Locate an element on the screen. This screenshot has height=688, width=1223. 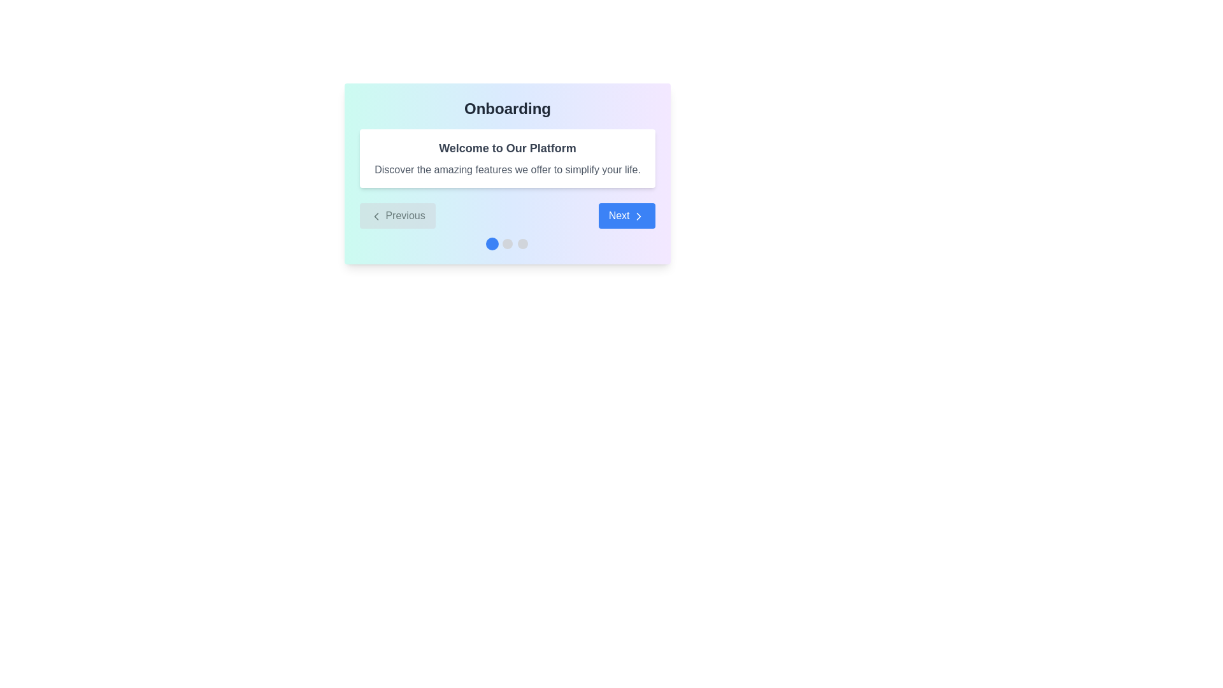
the right-pointing chevron icon located inside the 'Next' button in the onboarding dialog is located at coordinates (639, 215).